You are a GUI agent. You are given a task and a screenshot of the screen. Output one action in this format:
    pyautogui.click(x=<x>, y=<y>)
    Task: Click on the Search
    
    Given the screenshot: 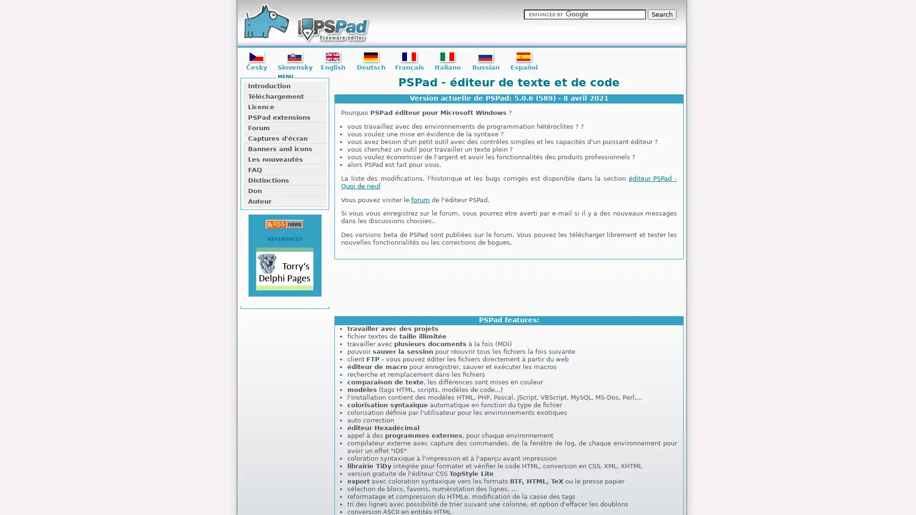 What is the action you would take?
    pyautogui.click(x=661, y=14)
    